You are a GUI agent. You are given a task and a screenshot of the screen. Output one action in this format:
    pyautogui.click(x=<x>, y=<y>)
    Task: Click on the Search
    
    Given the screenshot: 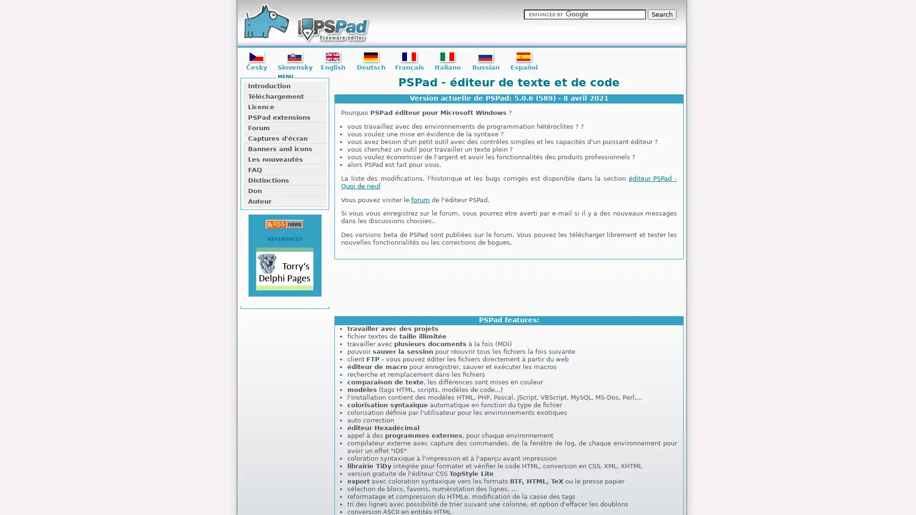 What is the action you would take?
    pyautogui.click(x=661, y=14)
    